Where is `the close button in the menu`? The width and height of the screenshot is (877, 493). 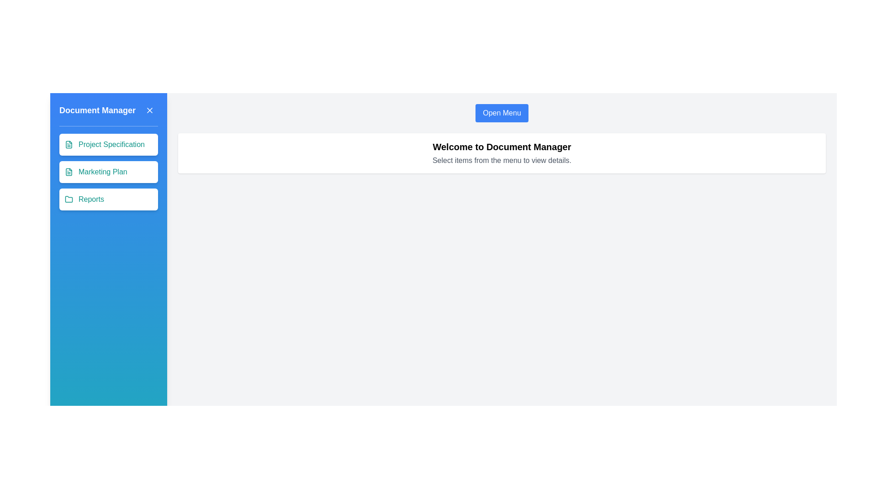
the close button in the menu is located at coordinates (149, 110).